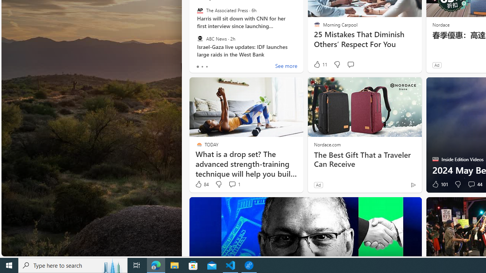  What do you see at coordinates (232, 184) in the screenshot?
I see `'View comments 1 Comment'` at bounding box center [232, 184].